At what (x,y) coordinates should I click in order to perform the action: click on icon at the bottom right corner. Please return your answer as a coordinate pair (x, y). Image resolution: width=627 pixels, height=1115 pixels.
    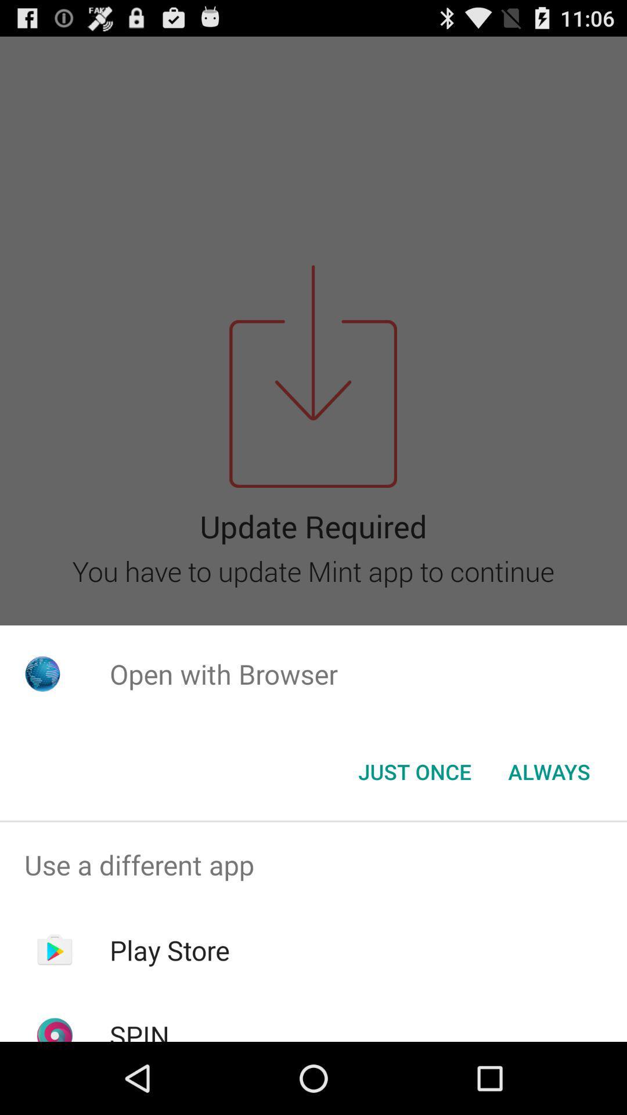
    Looking at the image, I should click on (549, 772).